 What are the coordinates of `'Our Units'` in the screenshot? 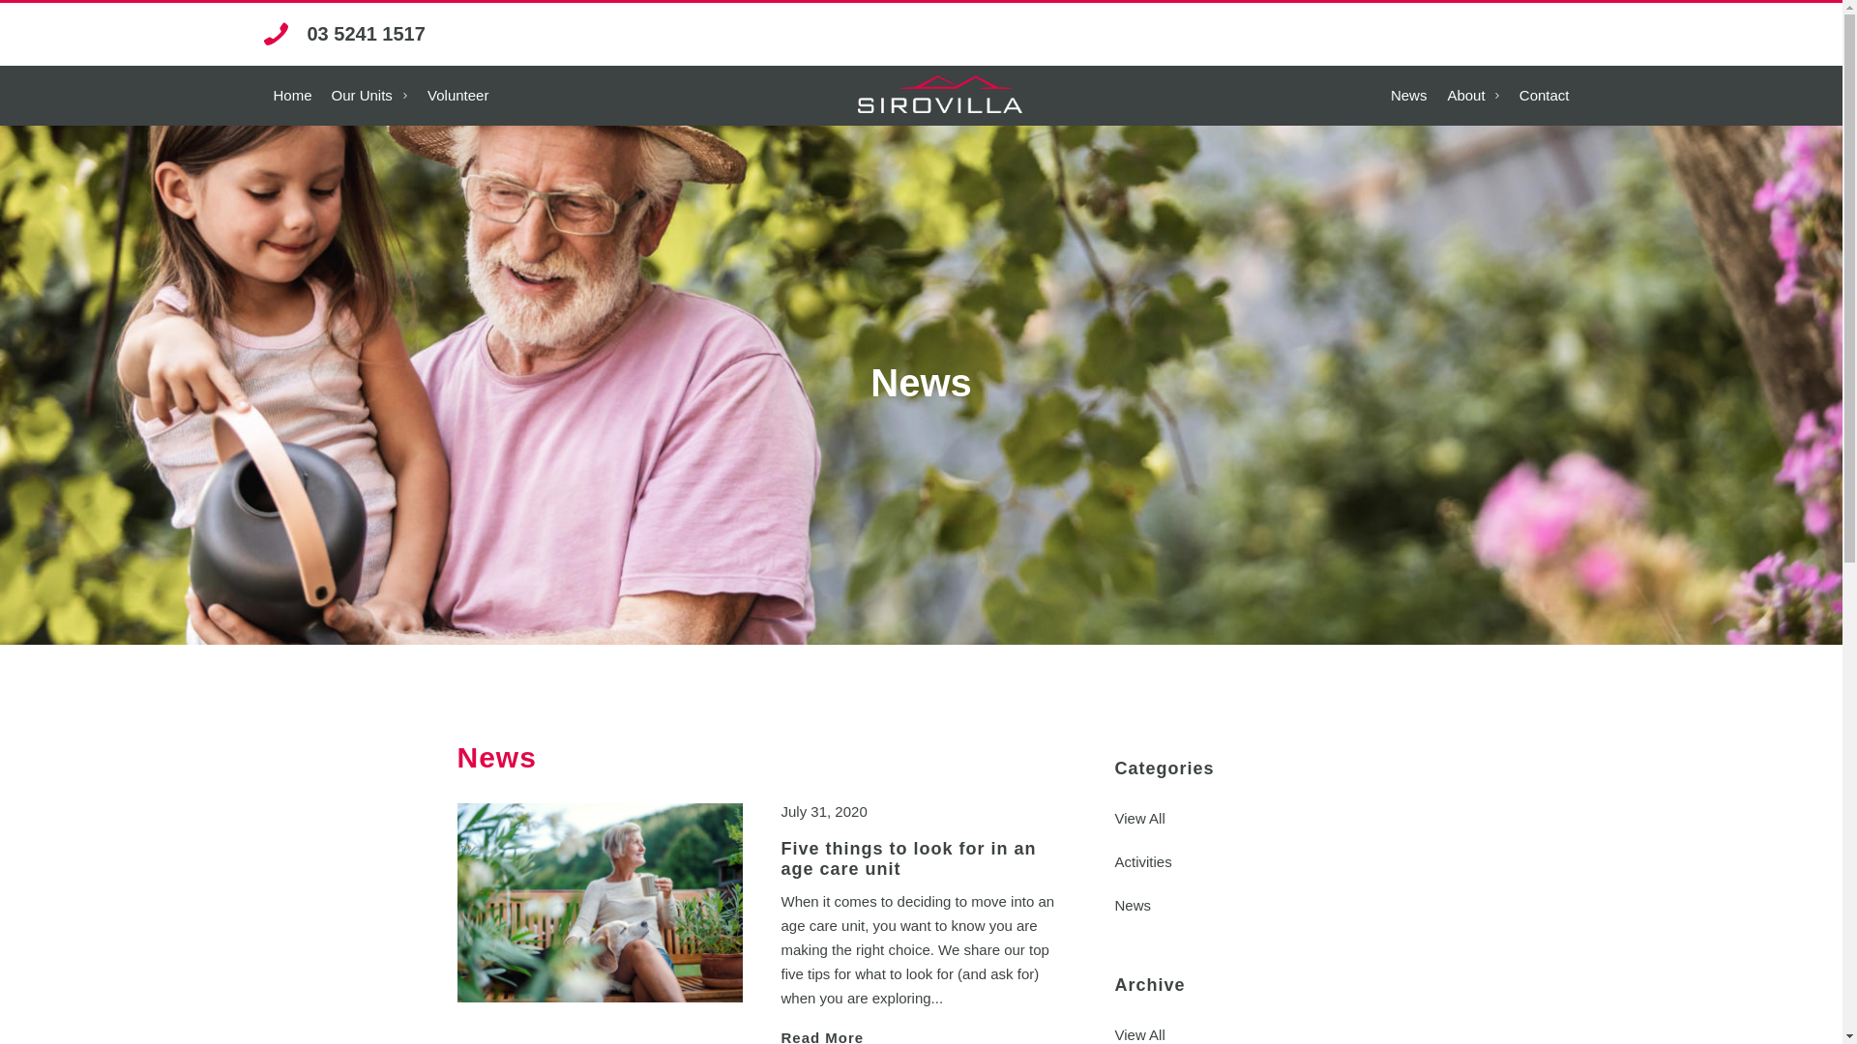 It's located at (369, 96).